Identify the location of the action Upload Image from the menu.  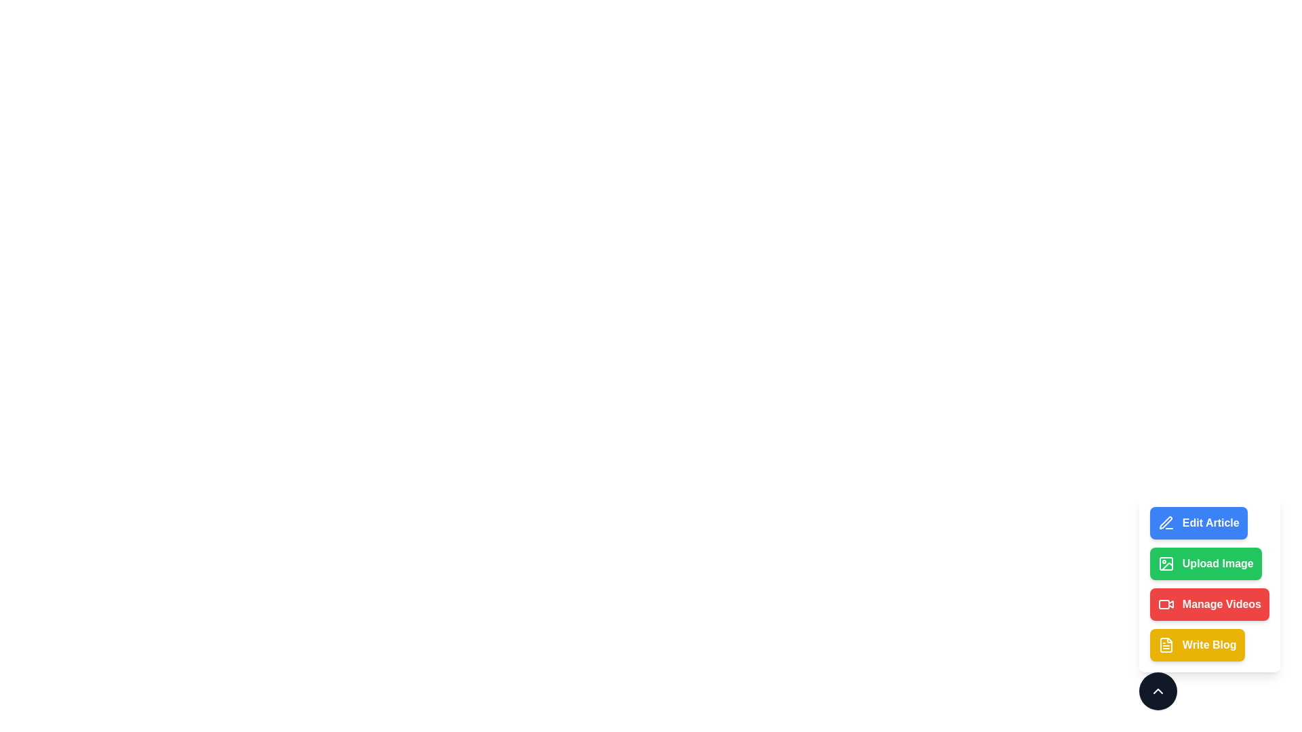
(1206, 564).